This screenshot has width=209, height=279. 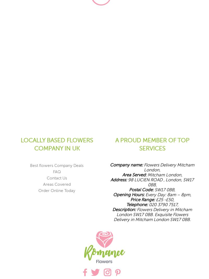 What do you see at coordinates (57, 165) in the screenshot?
I see `'Best flowers Company Deals'` at bounding box center [57, 165].